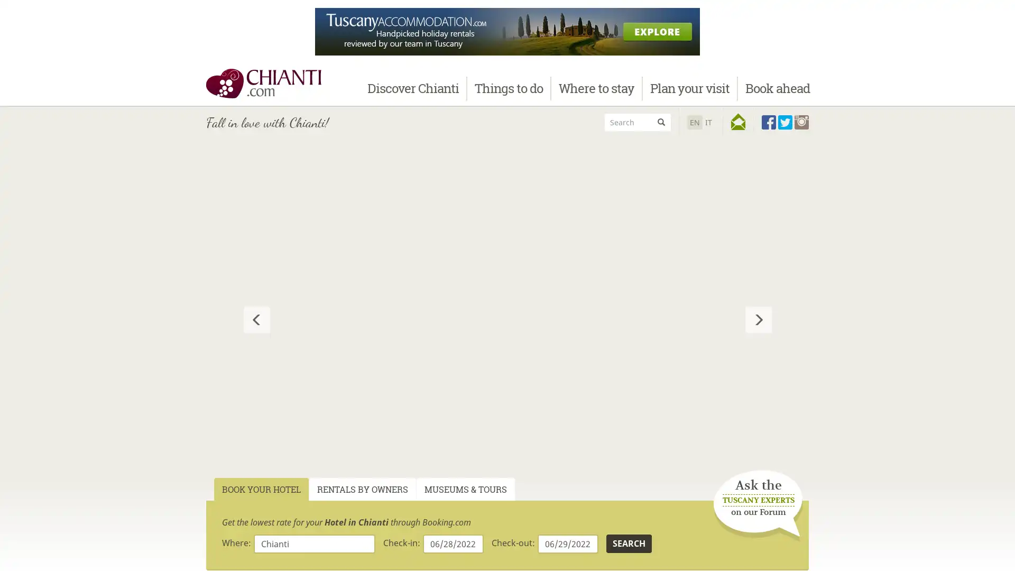 This screenshot has height=571, width=1015. I want to click on Plan your visit, so click(690, 88).